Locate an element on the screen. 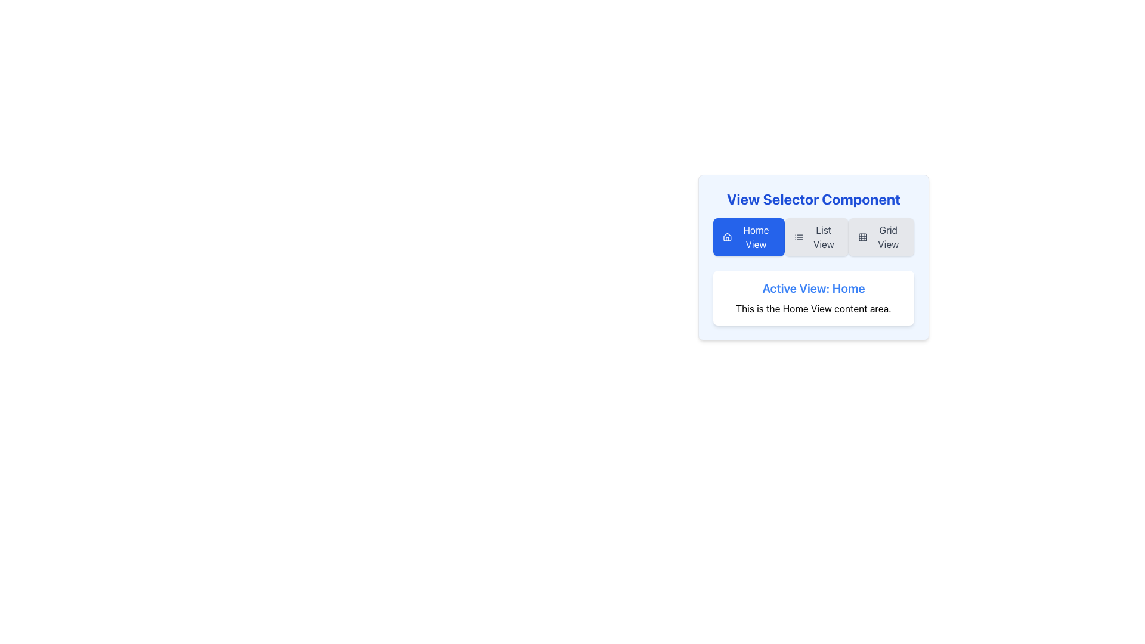 This screenshot has width=1145, height=644. the 'Home View' button in the 'View Selector' component is located at coordinates (748, 237).